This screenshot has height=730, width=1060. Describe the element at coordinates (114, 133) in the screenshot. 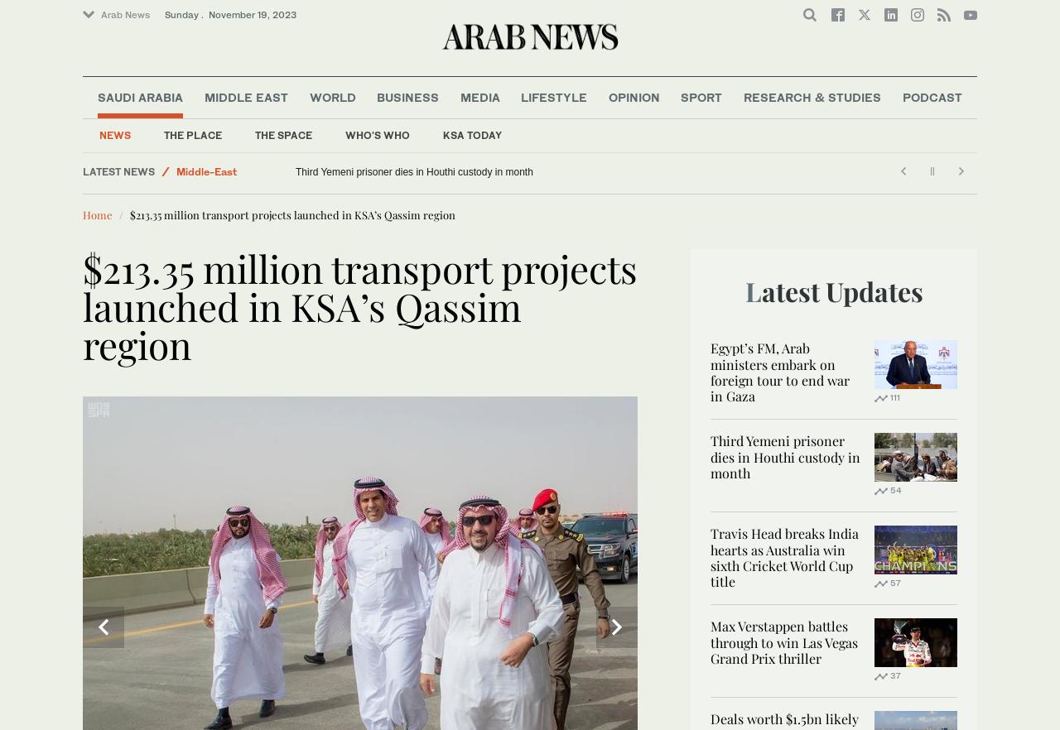

I see `'News'` at that location.